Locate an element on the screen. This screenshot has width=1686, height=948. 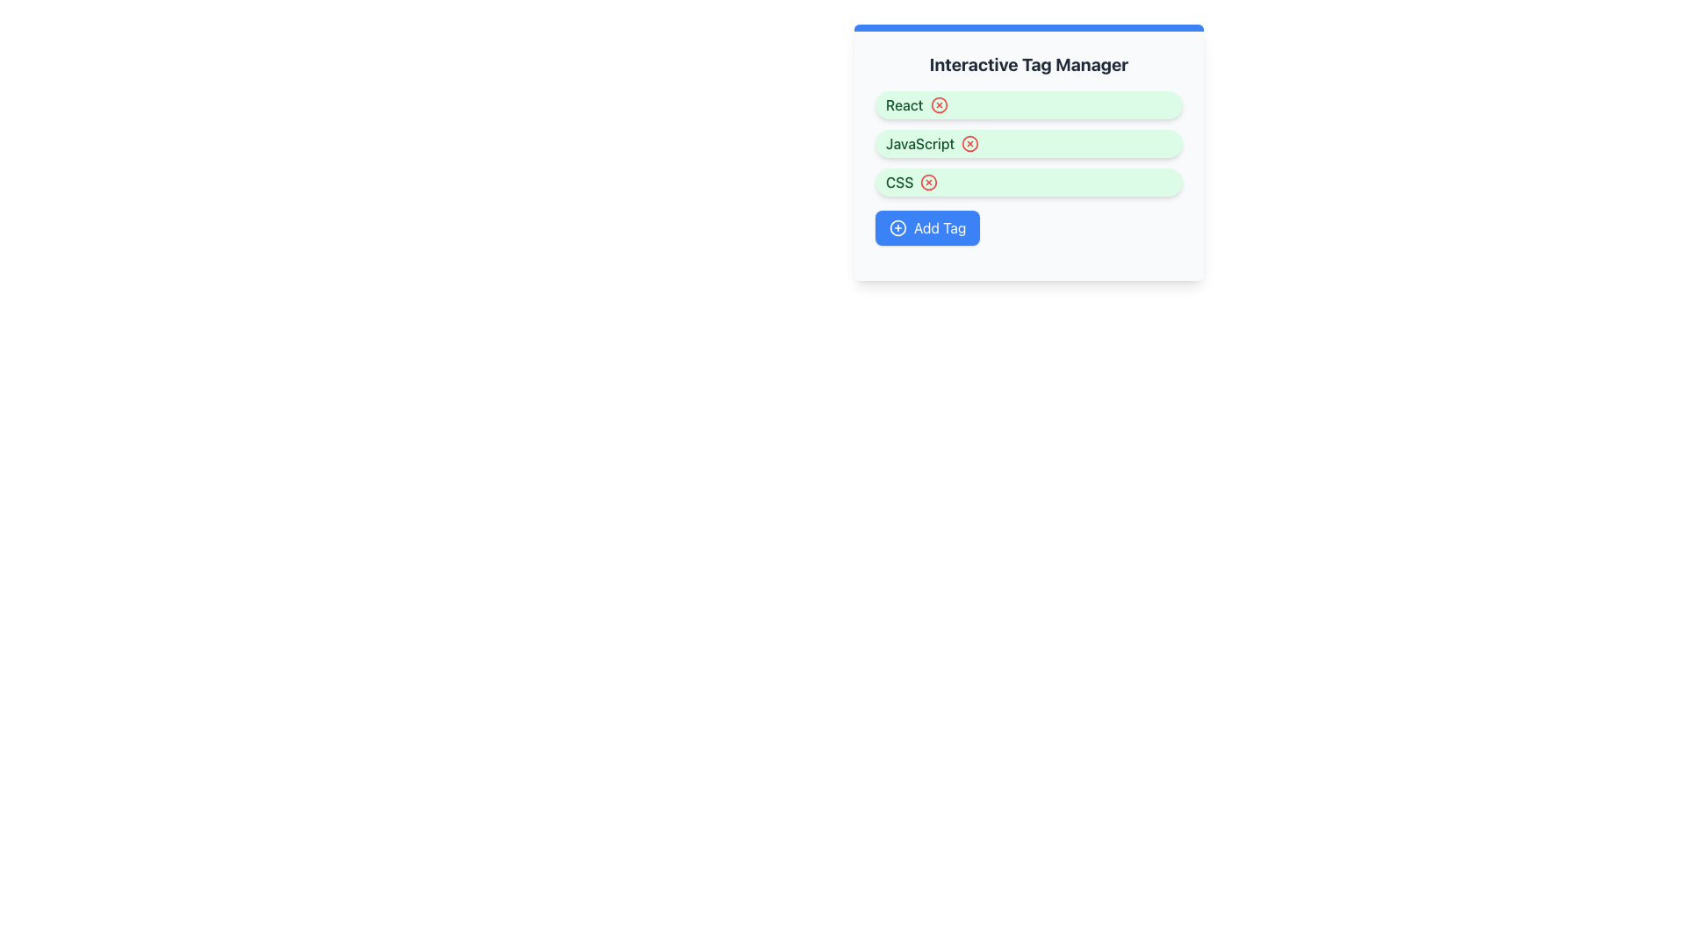
the text label for the 'CSS' tag, which is positioned as the third tag below the 'Interactive Tag Manager' heading is located at coordinates (899, 183).